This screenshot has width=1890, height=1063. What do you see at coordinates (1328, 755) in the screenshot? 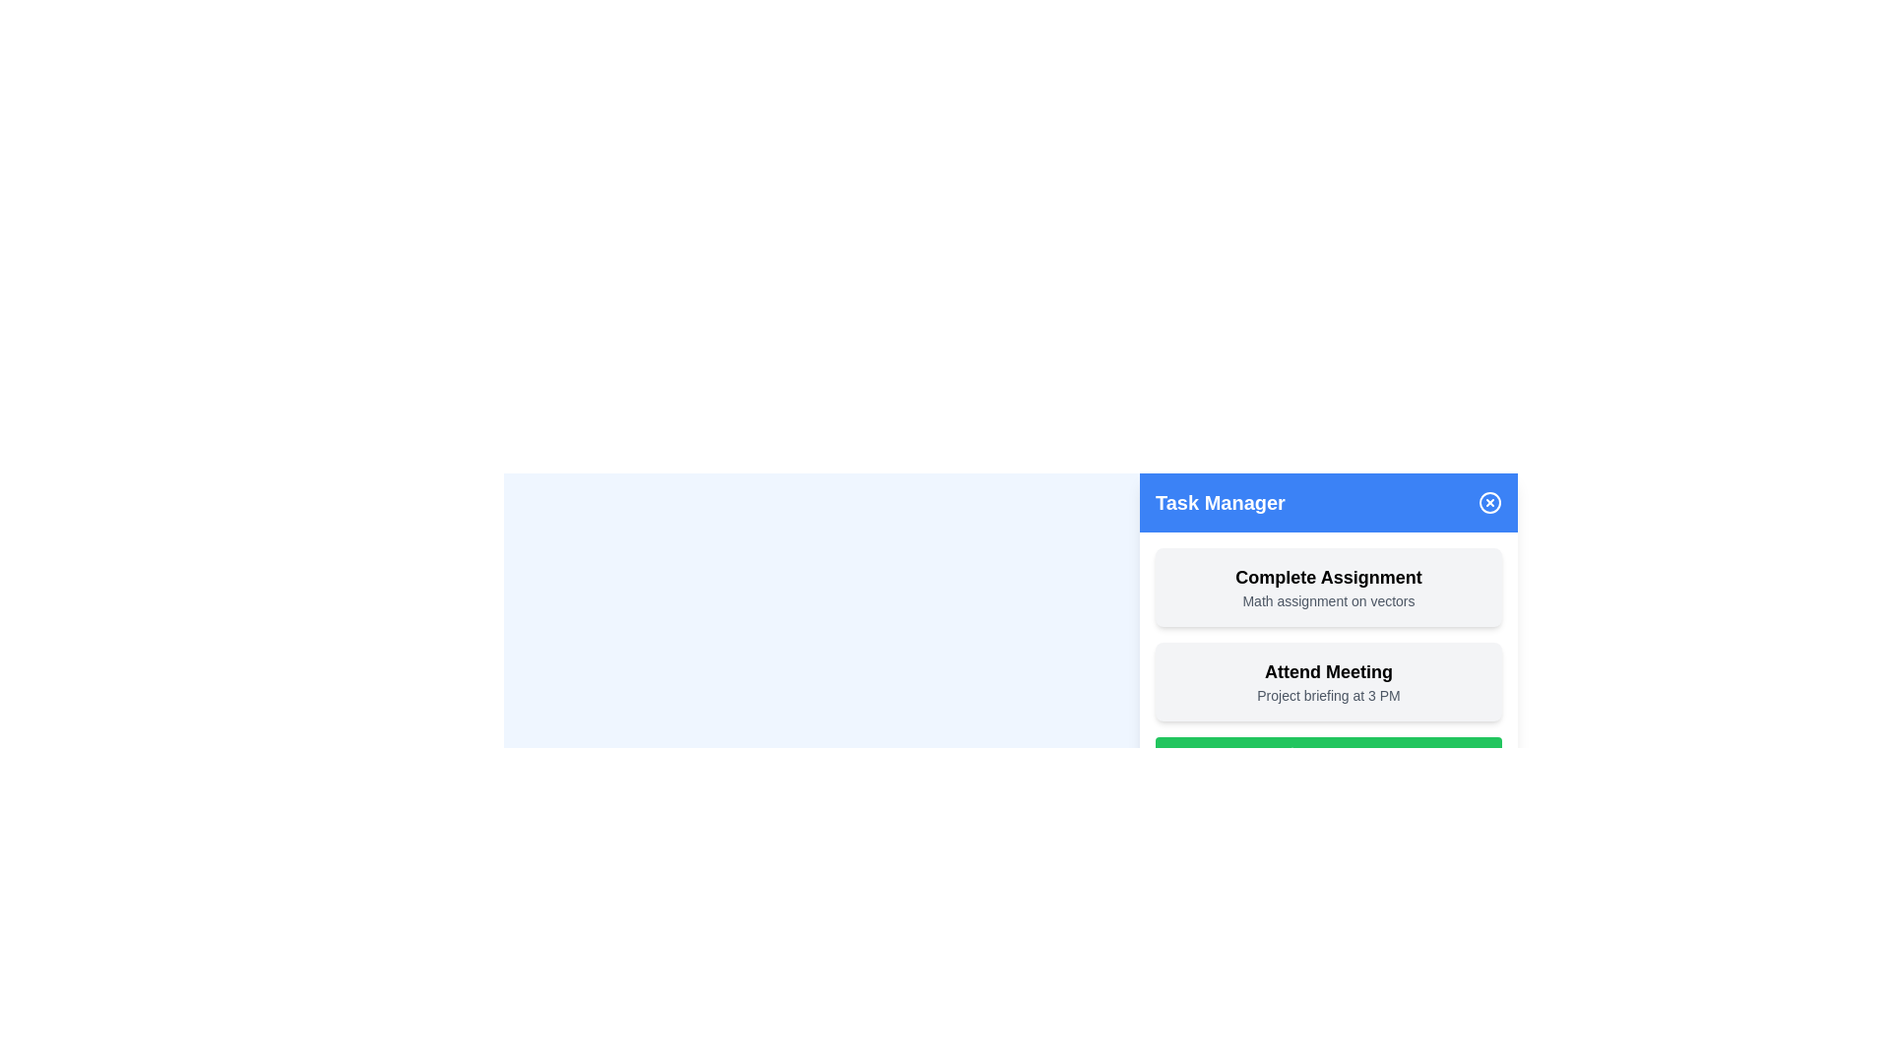
I see `the 'Add Task' button, which is a bright green rectangular button with white text and a '+' icon, located at the bottom of the task list in the 'Task Manager' section` at bounding box center [1328, 755].